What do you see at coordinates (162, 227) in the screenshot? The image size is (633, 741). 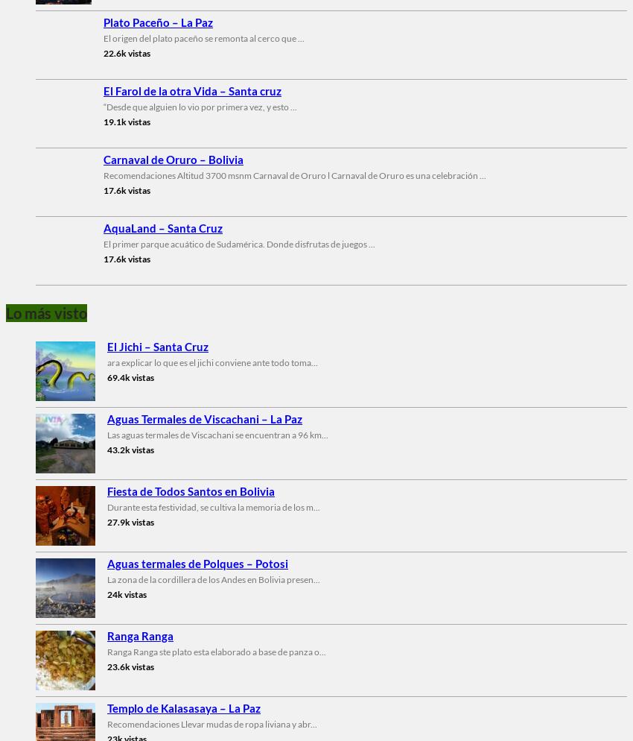 I see `'AquaLand – Santa Cruz'` at bounding box center [162, 227].